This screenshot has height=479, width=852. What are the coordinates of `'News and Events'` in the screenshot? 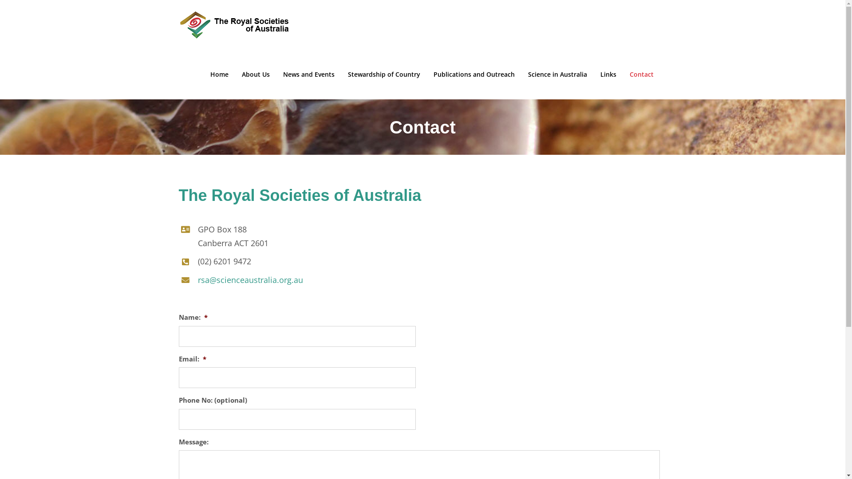 It's located at (309, 74).